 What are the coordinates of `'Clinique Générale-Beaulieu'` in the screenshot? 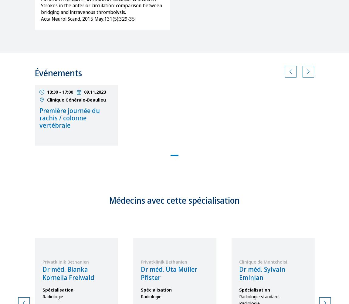 It's located at (47, 99).